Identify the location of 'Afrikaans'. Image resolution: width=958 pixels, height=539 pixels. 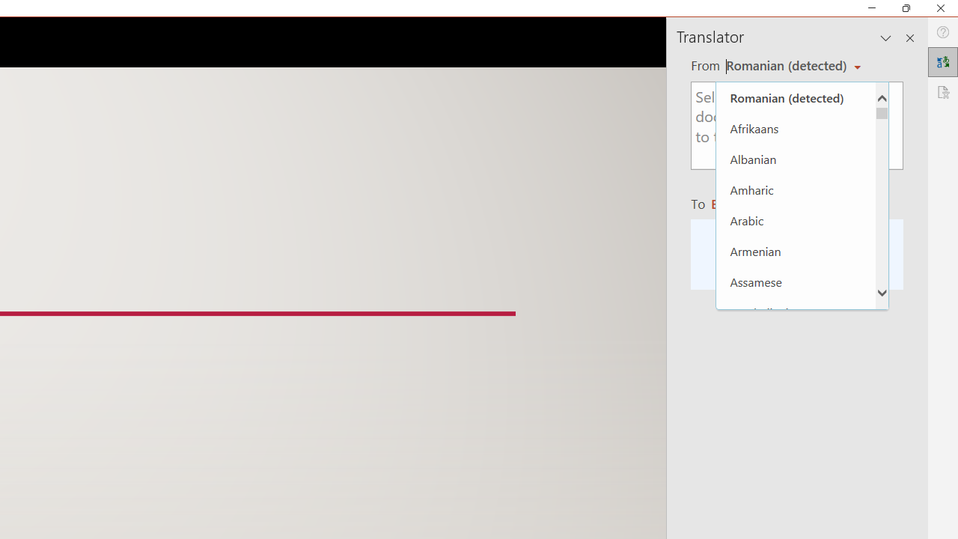
(795, 127).